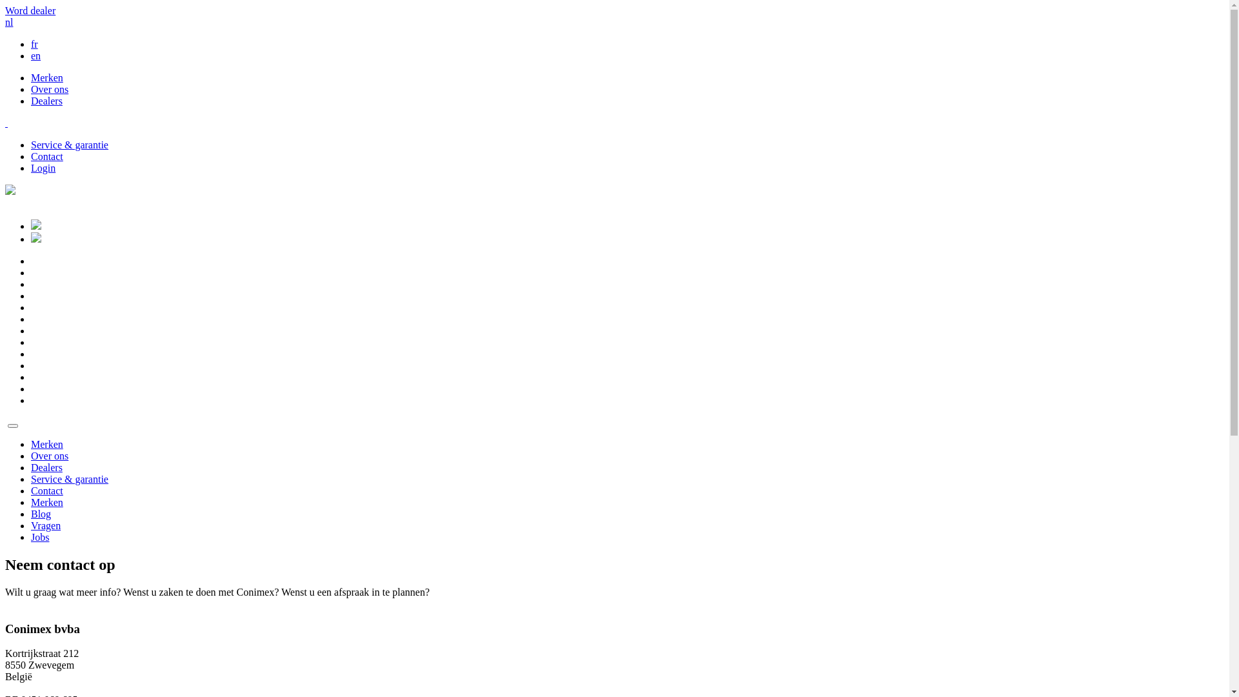  I want to click on 'Over ons', so click(49, 88).